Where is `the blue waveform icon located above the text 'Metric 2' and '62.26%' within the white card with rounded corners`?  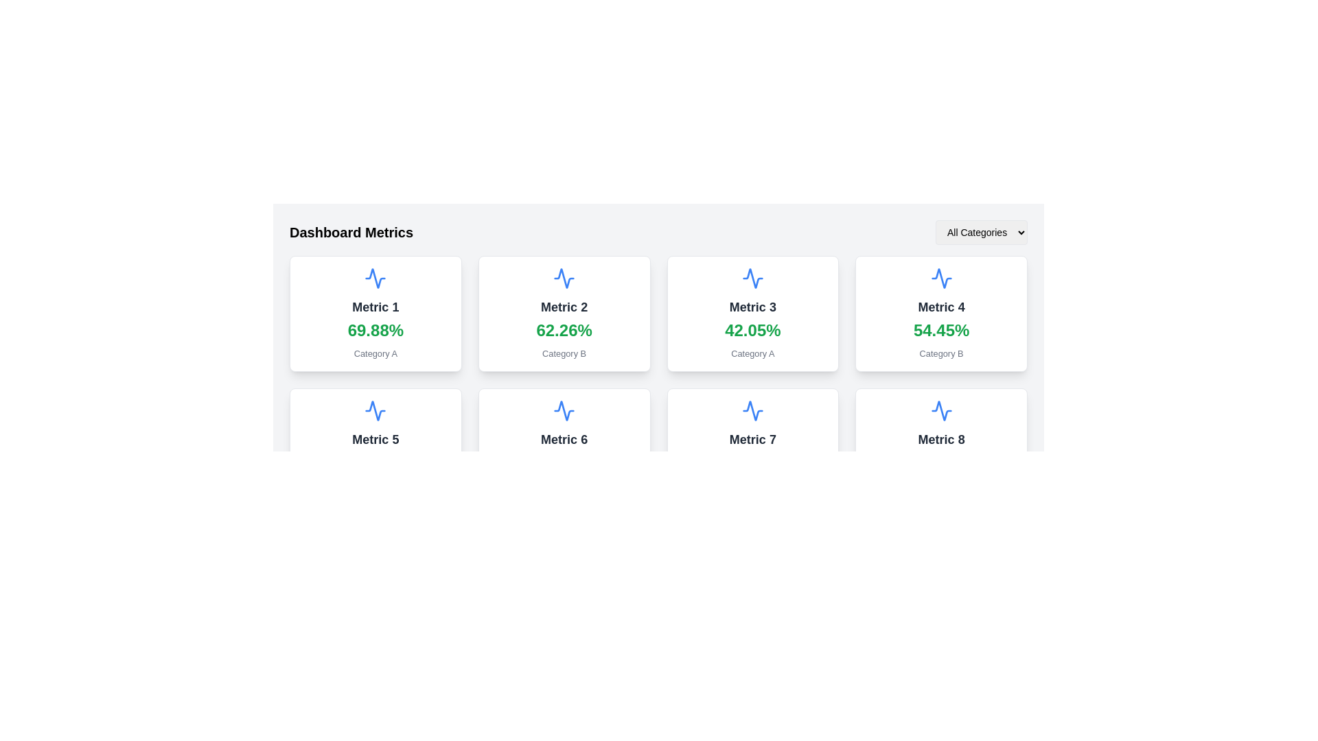 the blue waveform icon located above the text 'Metric 2' and '62.26%' within the white card with rounded corners is located at coordinates (564, 278).